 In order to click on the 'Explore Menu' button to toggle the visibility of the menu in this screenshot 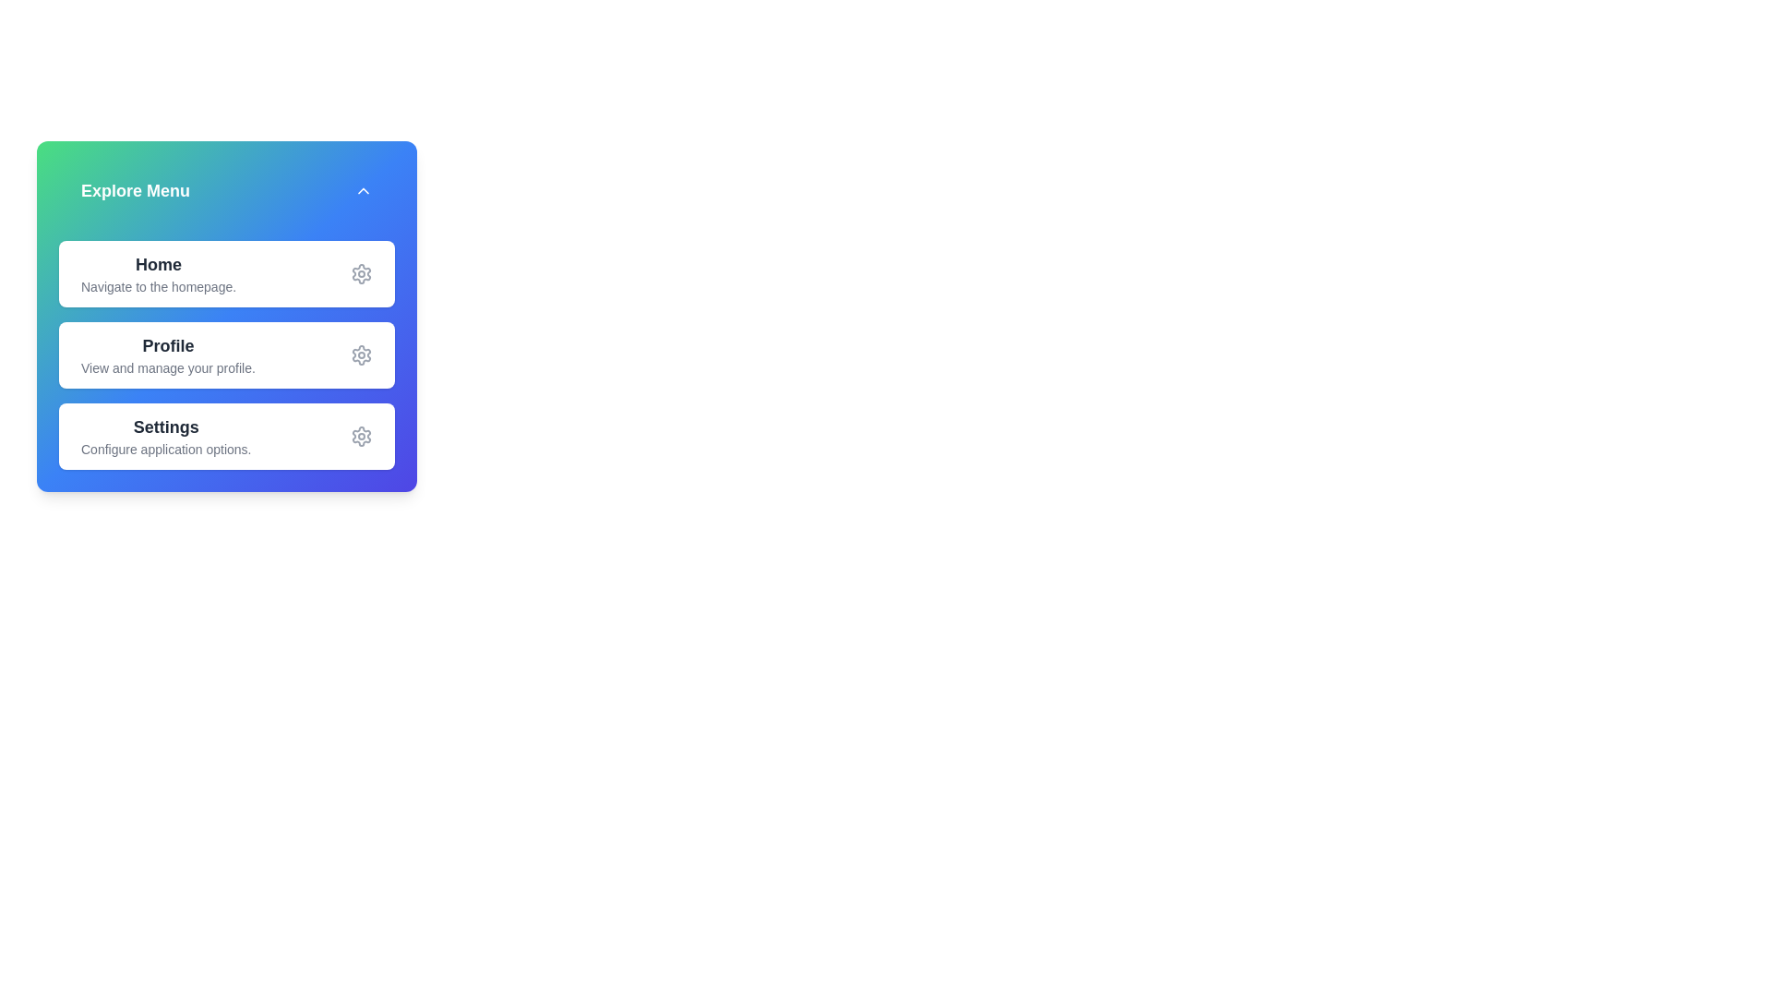, I will do `click(225, 191)`.